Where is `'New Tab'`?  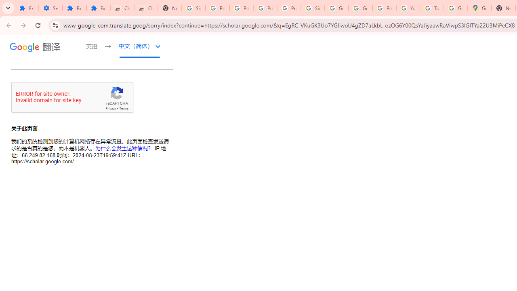 'New Tab' is located at coordinates (169, 8).